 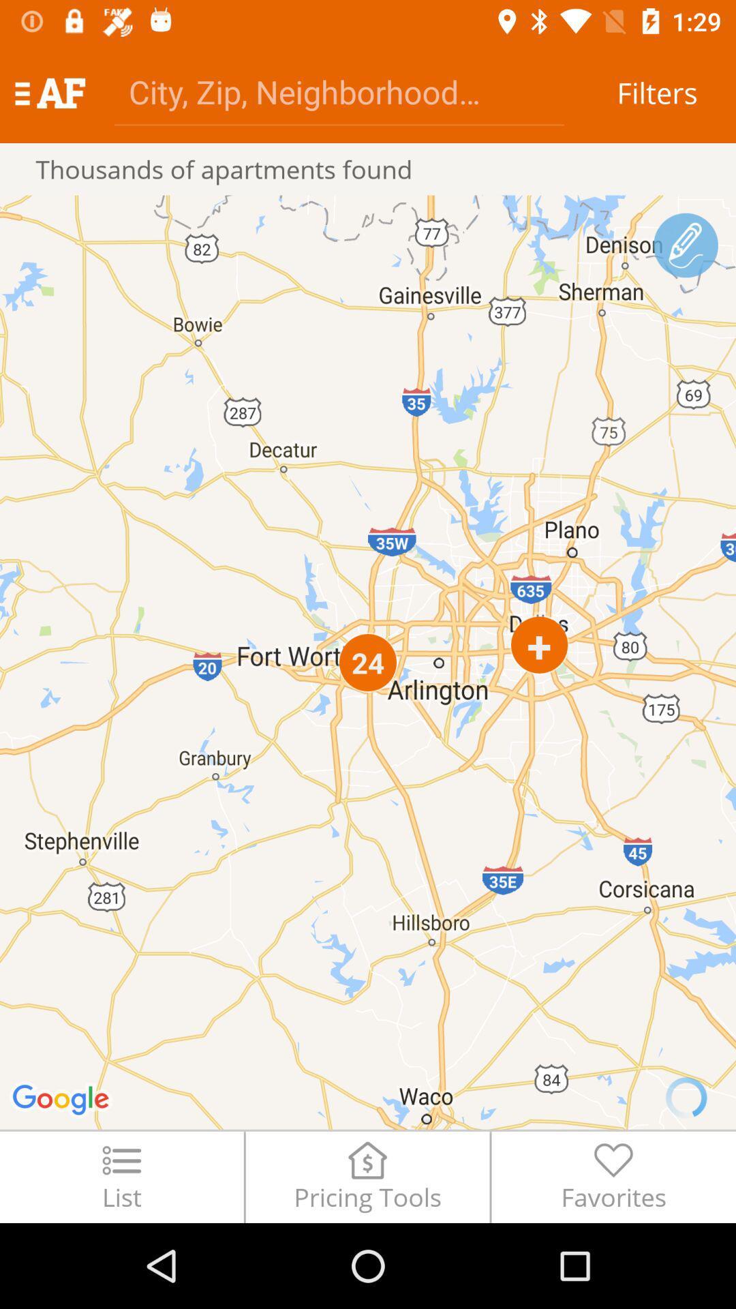 What do you see at coordinates (686, 245) in the screenshot?
I see `edit settings markers position etc` at bounding box center [686, 245].